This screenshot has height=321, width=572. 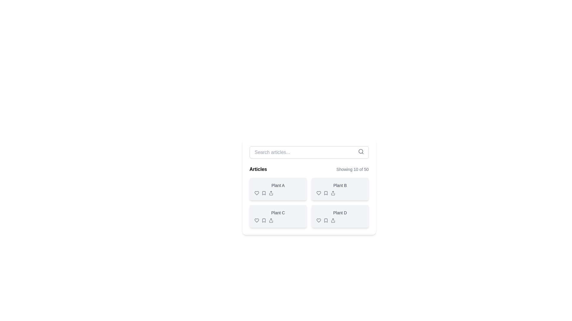 What do you see at coordinates (340, 213) in the screenshot?
I see `the text label 'Plant D' which indicates the name or type of item in the fourth card of the grid layout` at bounding box center [340, 213].